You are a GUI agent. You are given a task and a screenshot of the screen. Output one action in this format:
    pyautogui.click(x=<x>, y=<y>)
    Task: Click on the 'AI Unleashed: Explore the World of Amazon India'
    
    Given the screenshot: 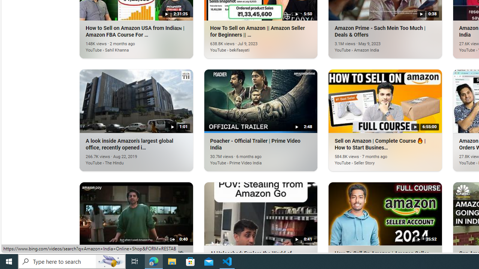 What is the action you would take?
    pyautogui.click(x=260, y=213)
    